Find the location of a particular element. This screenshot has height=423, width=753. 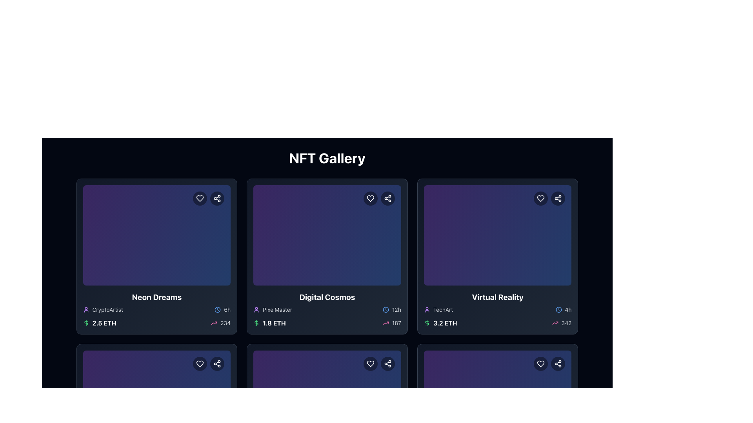

the heart icon in the top-right corner of the second card in the first row of the grid layout is located at coordinates (370, 198).